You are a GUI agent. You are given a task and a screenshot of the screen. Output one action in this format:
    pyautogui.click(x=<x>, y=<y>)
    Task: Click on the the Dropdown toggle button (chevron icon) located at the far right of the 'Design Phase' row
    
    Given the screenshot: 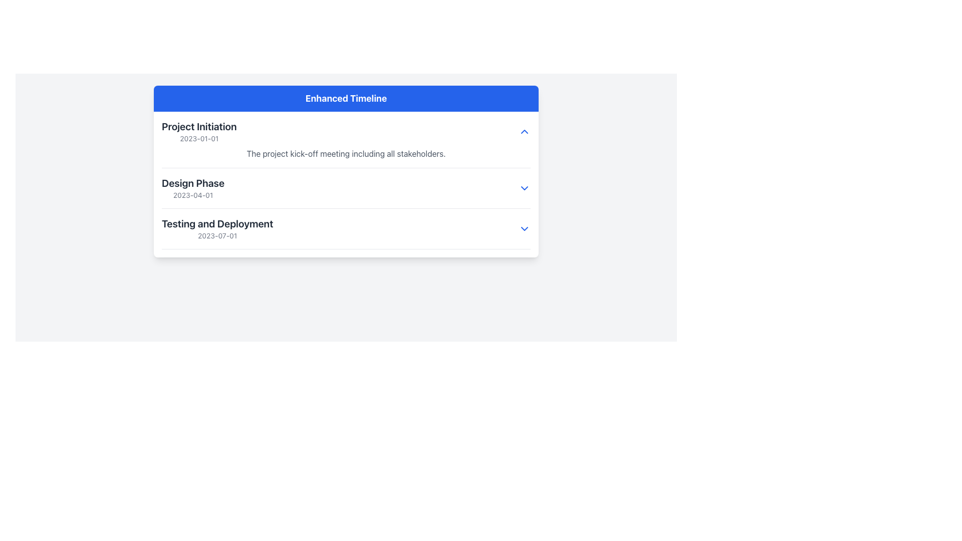 What is the action you would take?
    pyautogui.click(x=524, y=188)
    